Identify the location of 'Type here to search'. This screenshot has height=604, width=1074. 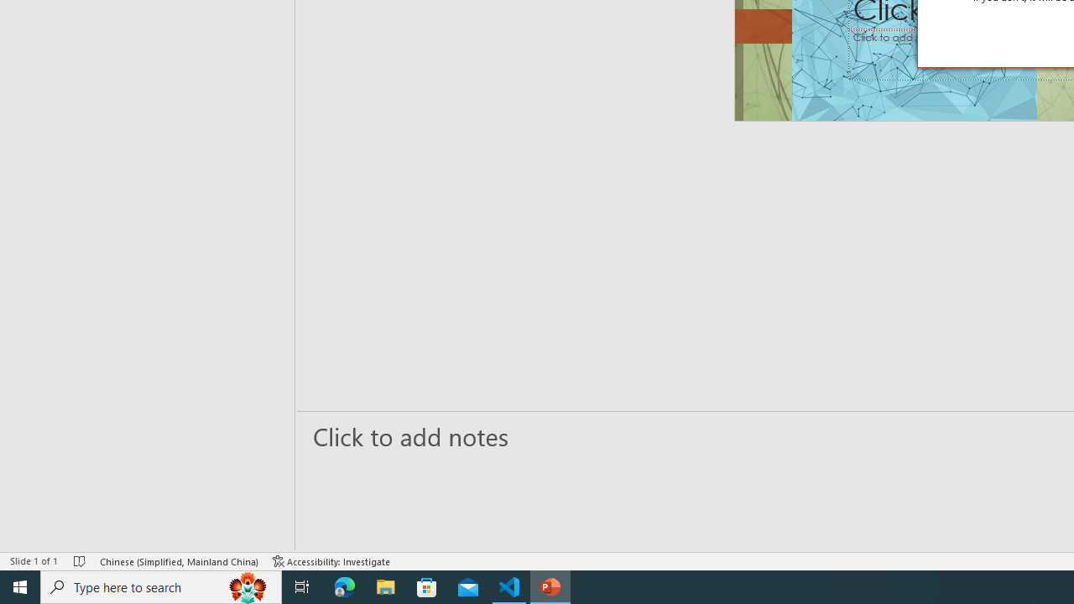
(161, 586).